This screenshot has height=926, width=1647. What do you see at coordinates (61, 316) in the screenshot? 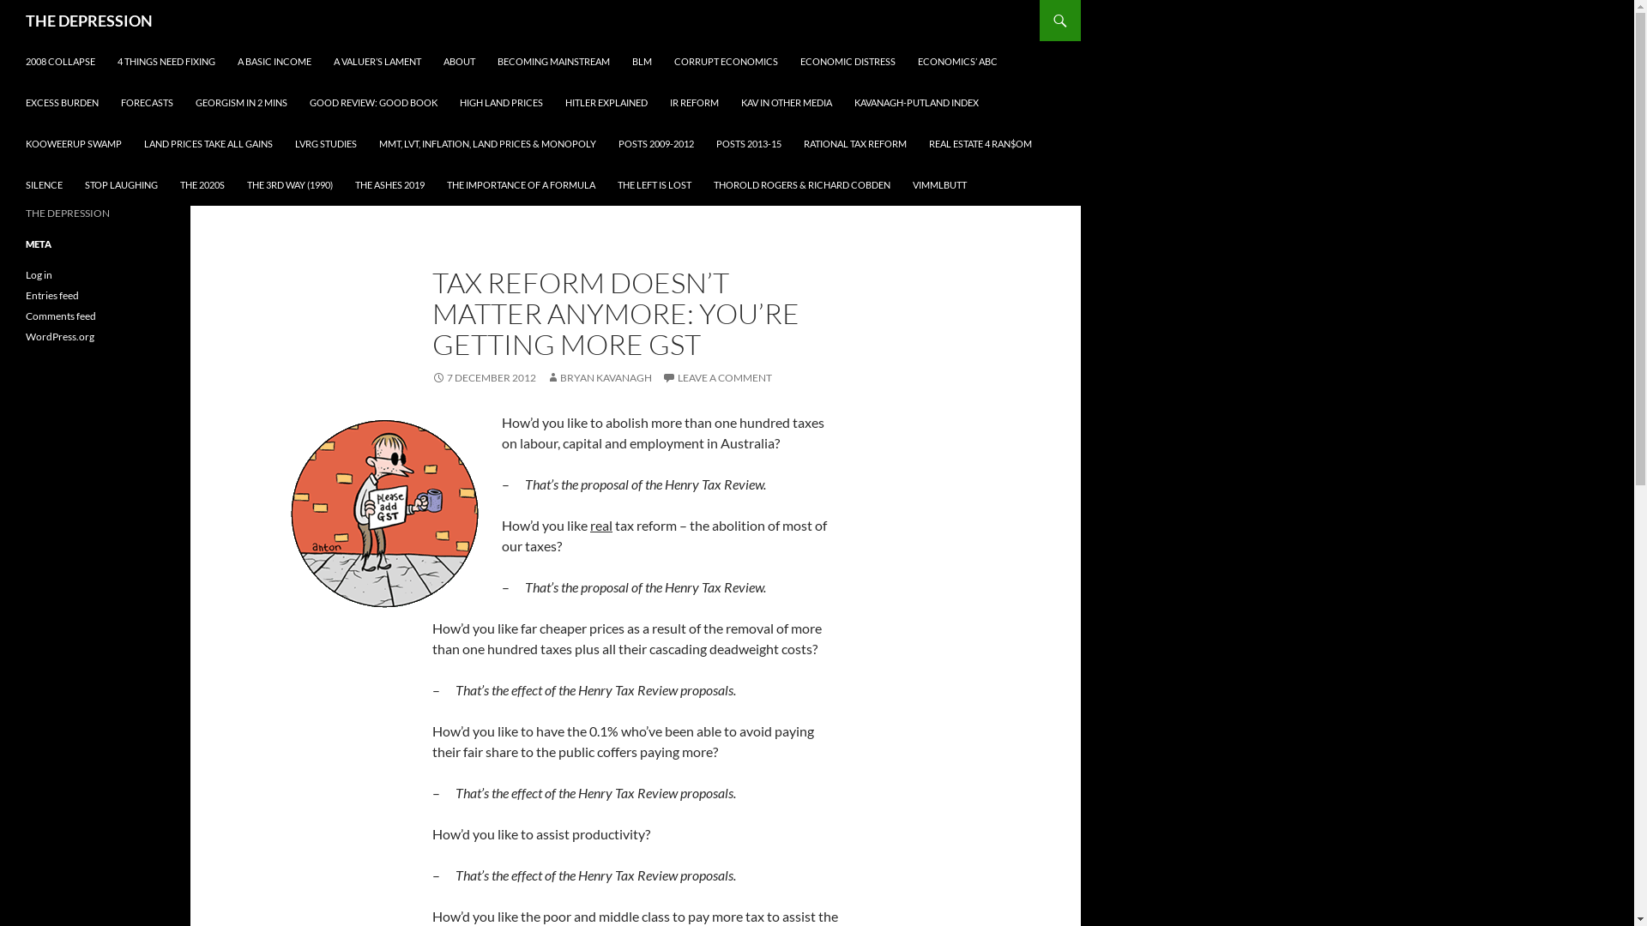
I see `'Comments feed'` at bounding box center [61, 316].